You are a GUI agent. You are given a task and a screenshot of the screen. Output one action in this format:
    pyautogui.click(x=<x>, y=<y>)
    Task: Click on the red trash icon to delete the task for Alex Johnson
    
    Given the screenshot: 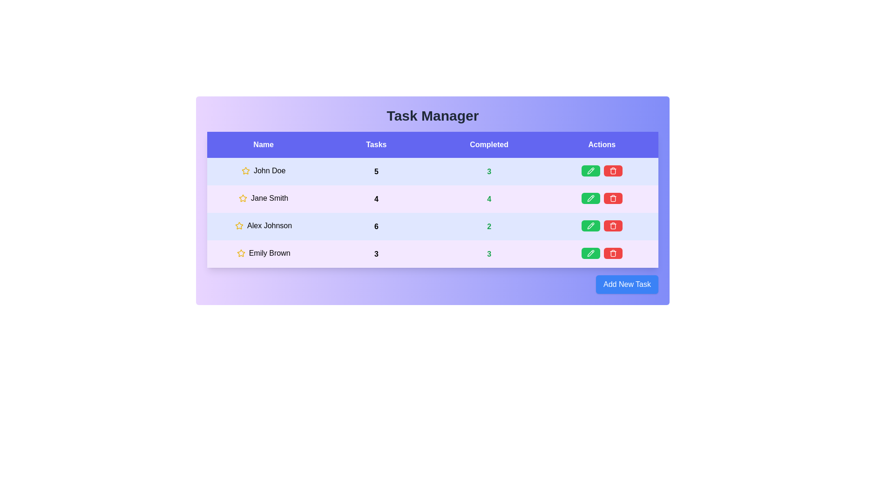 What is the action you would take?
    pyautogui.click(x=613, y=226)
    